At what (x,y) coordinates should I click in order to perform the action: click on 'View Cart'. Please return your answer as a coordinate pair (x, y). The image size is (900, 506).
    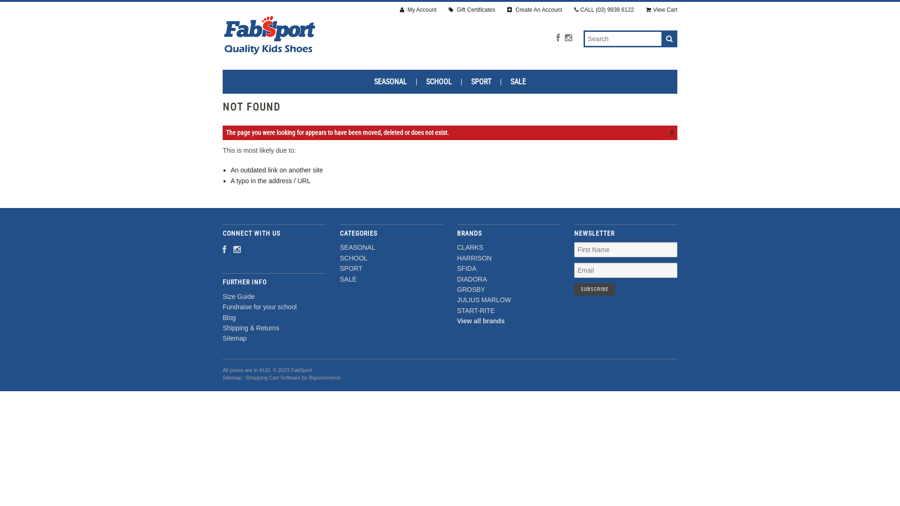
    Looking at the image, I should click on (661, 10).